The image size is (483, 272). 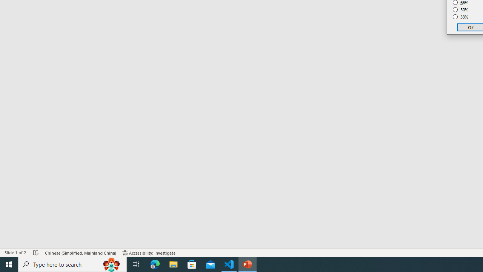 What do you see at coordinates (135, 264) in the screenshot?
I see `'Task View'` at bounding box center [135, 264].